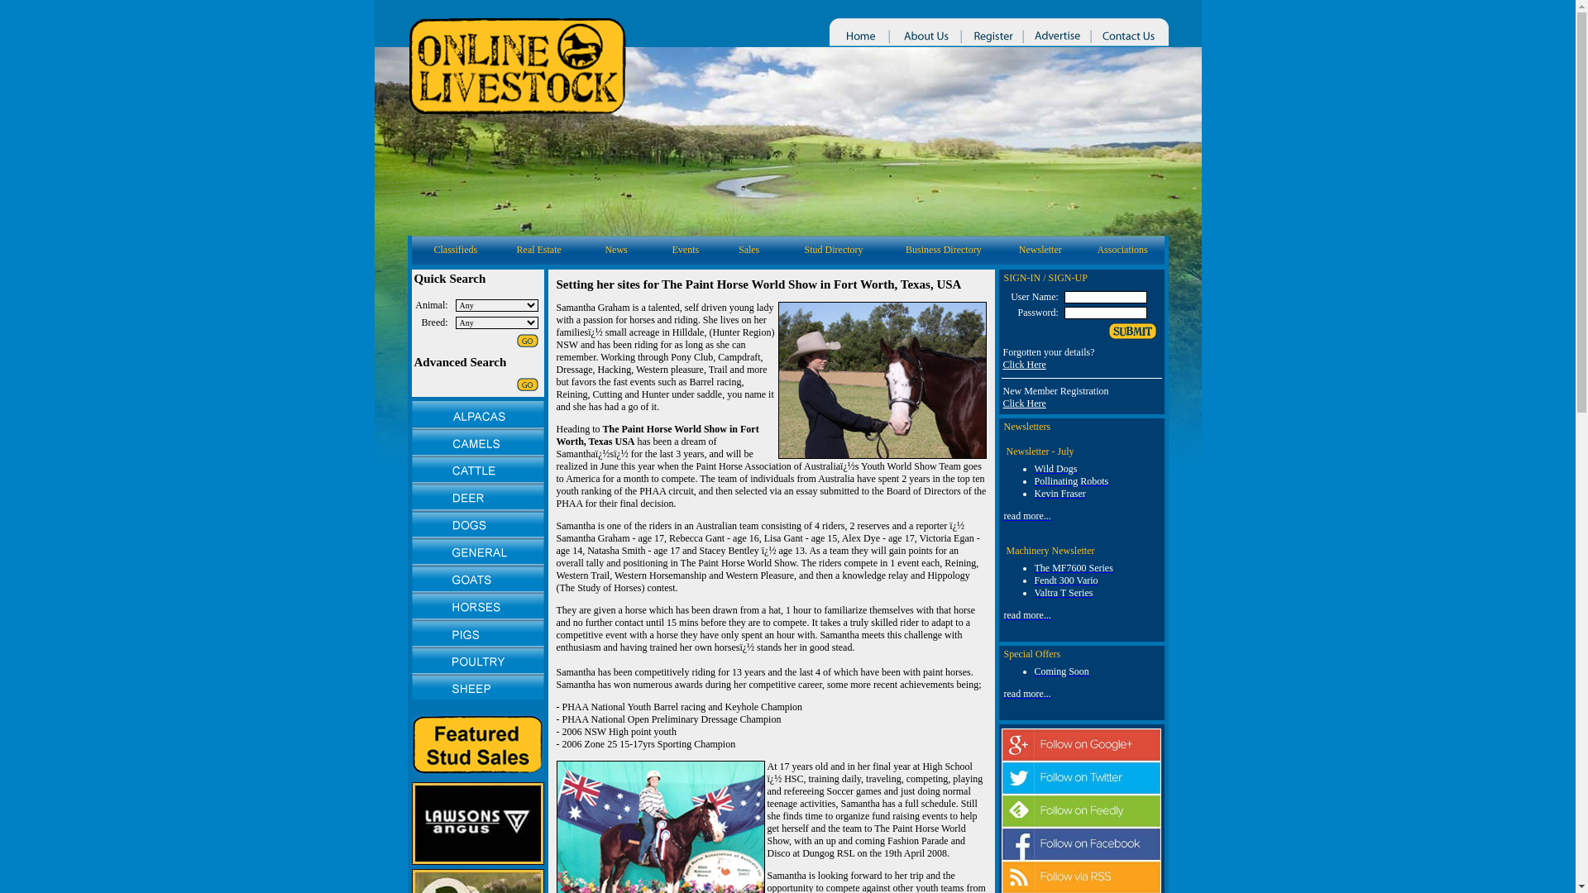  What do you see at coordinates (834, 249) in the screenshot?
I see `'Stud Directory'` at bounding box center [834, 249].